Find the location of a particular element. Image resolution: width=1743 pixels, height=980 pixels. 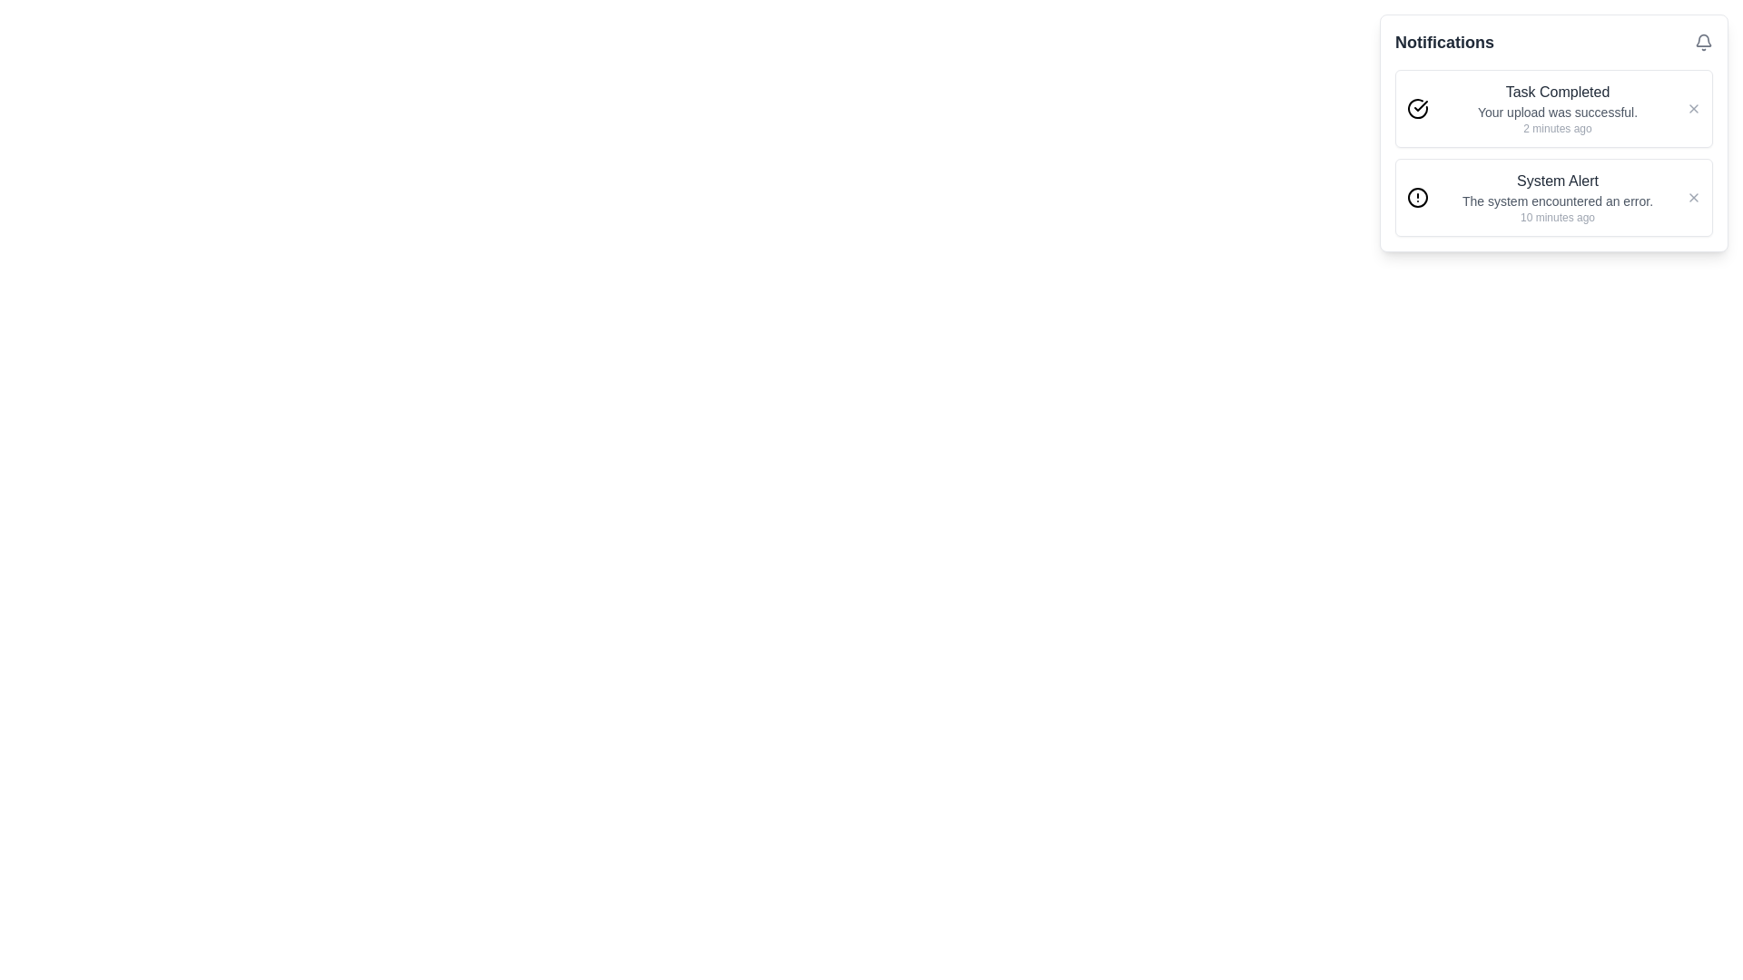

the text display component that shows the message 'The system encountered an error.' located below the title 'System Alert' and above the timestamp '10 minutes ago.' in the right-hand notification panel is located at coordinates (1557, 201).